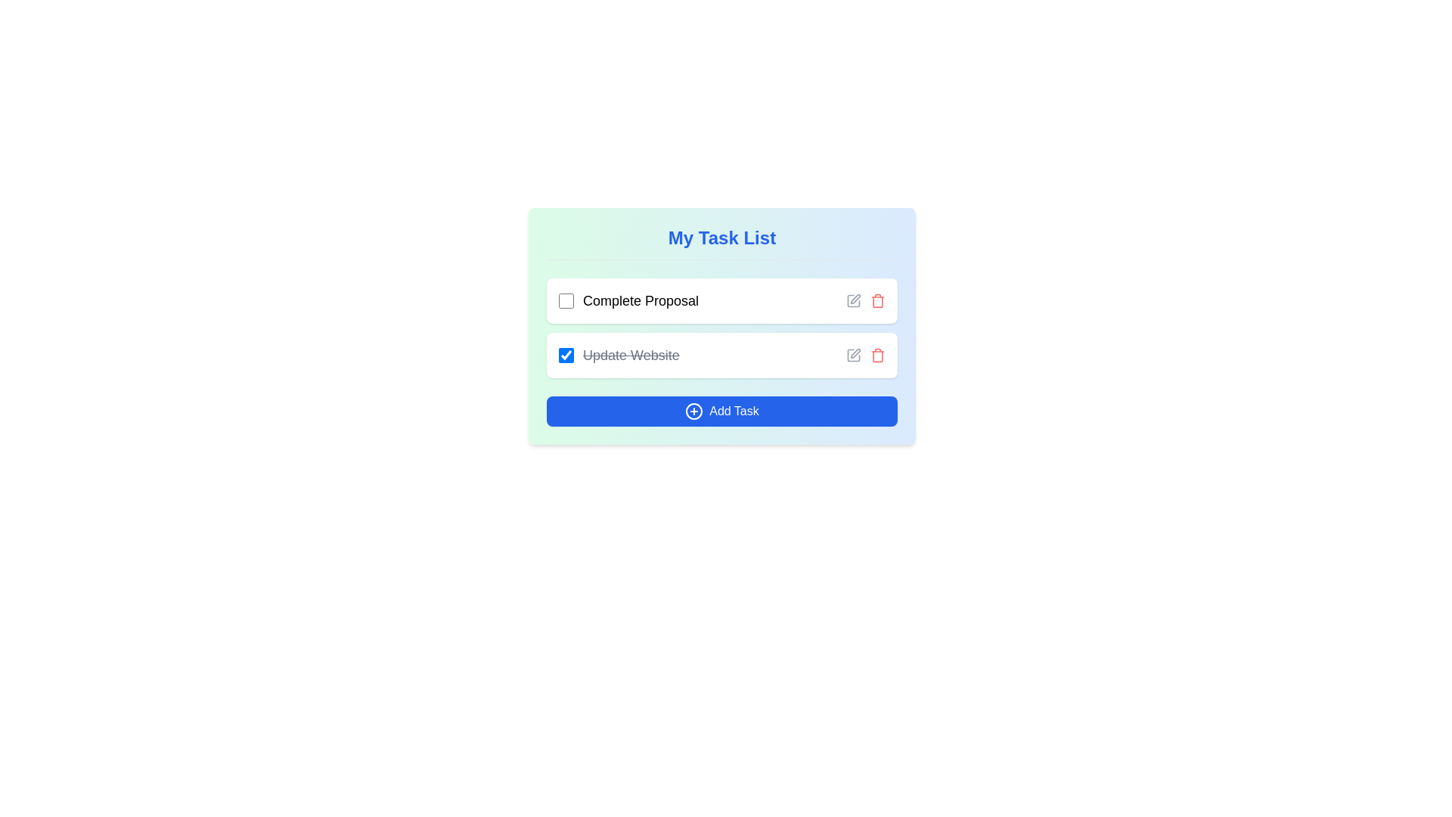 This screenshot has width=1452, height=817. I want to click on the delete button icon for the task item titled 'Update Website' to observe a tooltip or styling change, so click(878, 356).